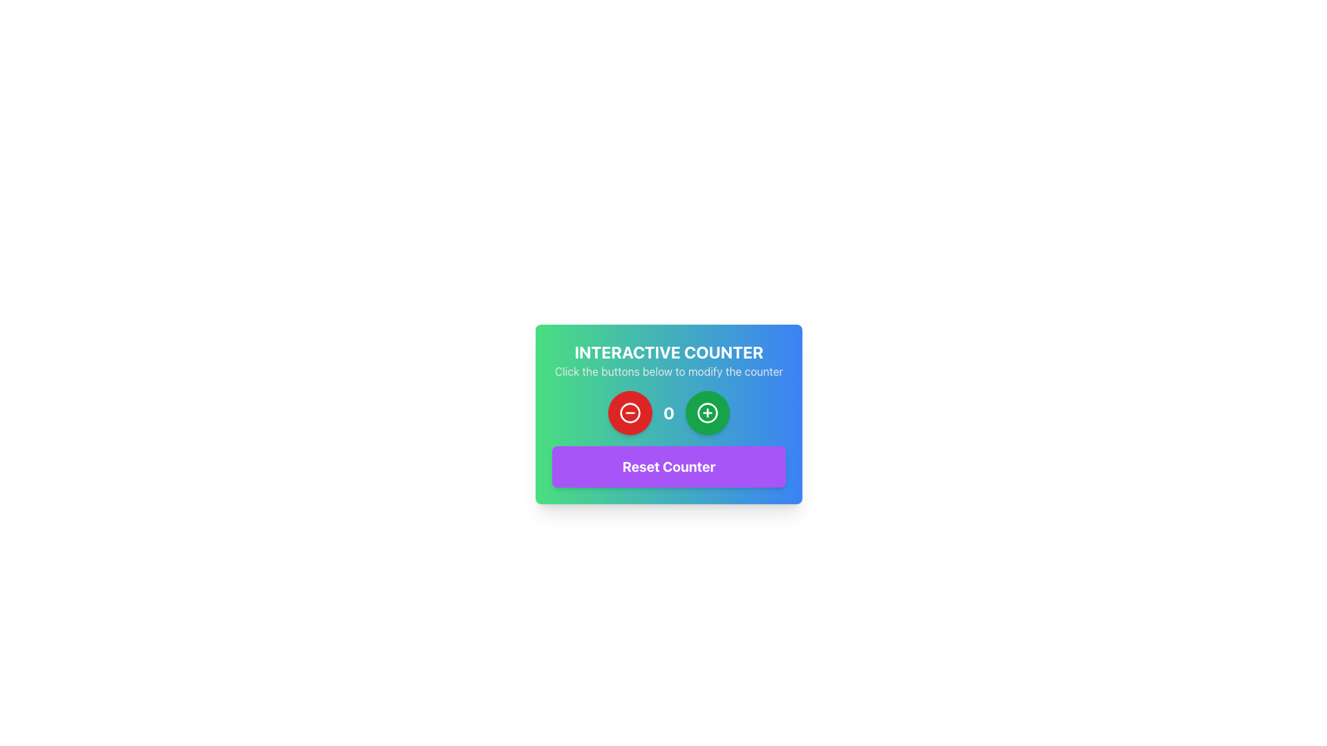  What do you see at coordinates (630, 412) in the screenshot?
I see `the red circular icon with a white border and a horizontal white minus line, which signifies a subtractive action, located within the left red button of the green-blue gradient box` at bounding box center [630, 412].